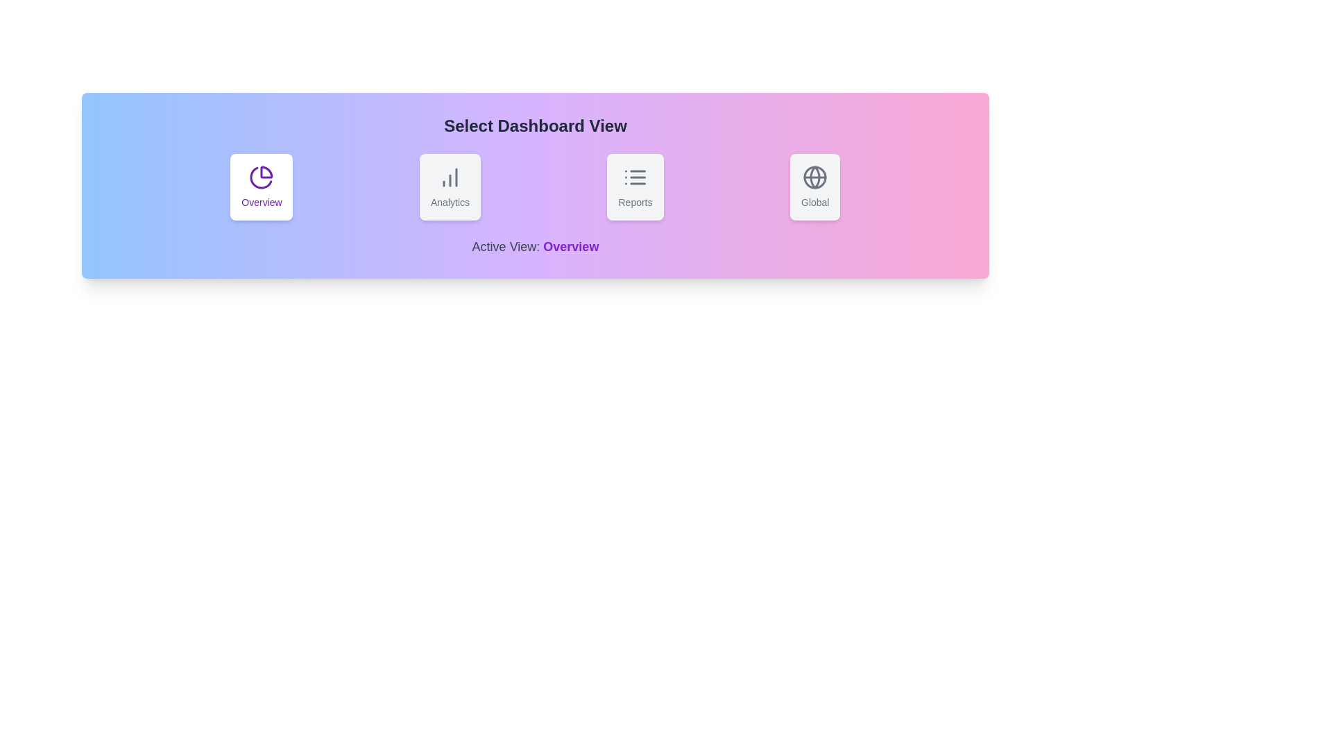  Describe the element at coordinates (815, 187) in the screenshot. I see `the button labeled Global to switch the active dashboard view` at that location.